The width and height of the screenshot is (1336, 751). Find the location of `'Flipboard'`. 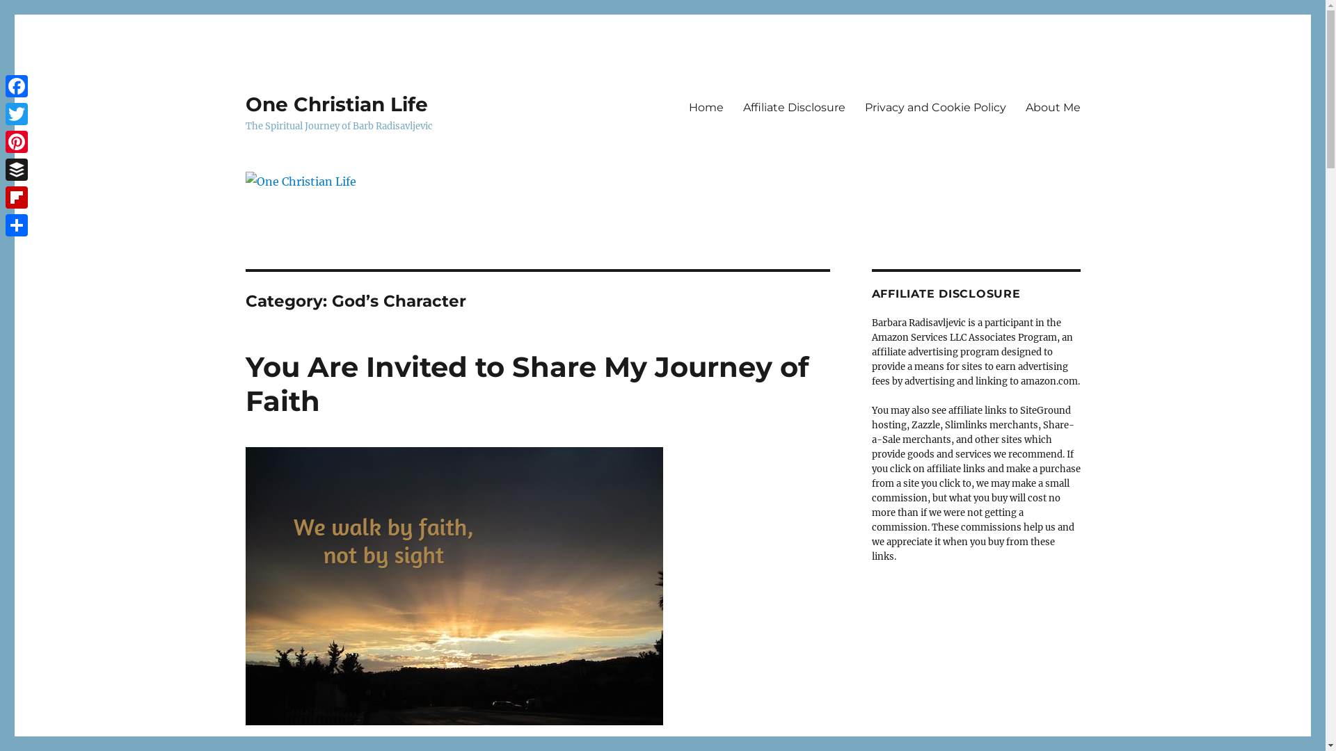

'Flipboard' is located at coordinates (17, 197).